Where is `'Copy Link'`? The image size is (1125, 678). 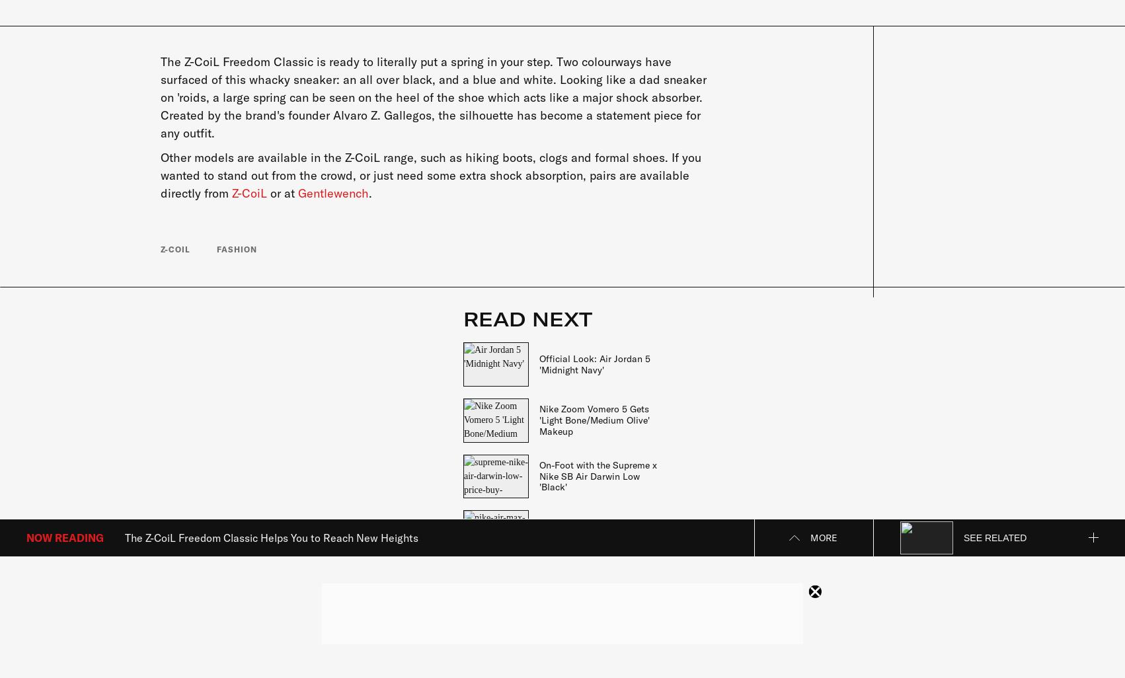 'Copy Link' is located at coordinates (825, 497).